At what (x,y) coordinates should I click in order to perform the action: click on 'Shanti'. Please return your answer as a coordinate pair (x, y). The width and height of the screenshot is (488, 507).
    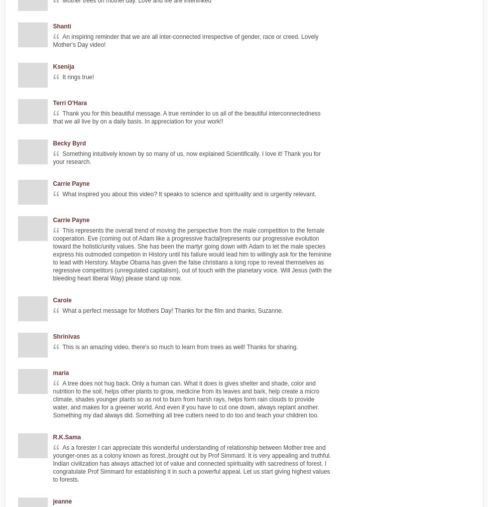
    Looking at the image, I should click on (61, 26).